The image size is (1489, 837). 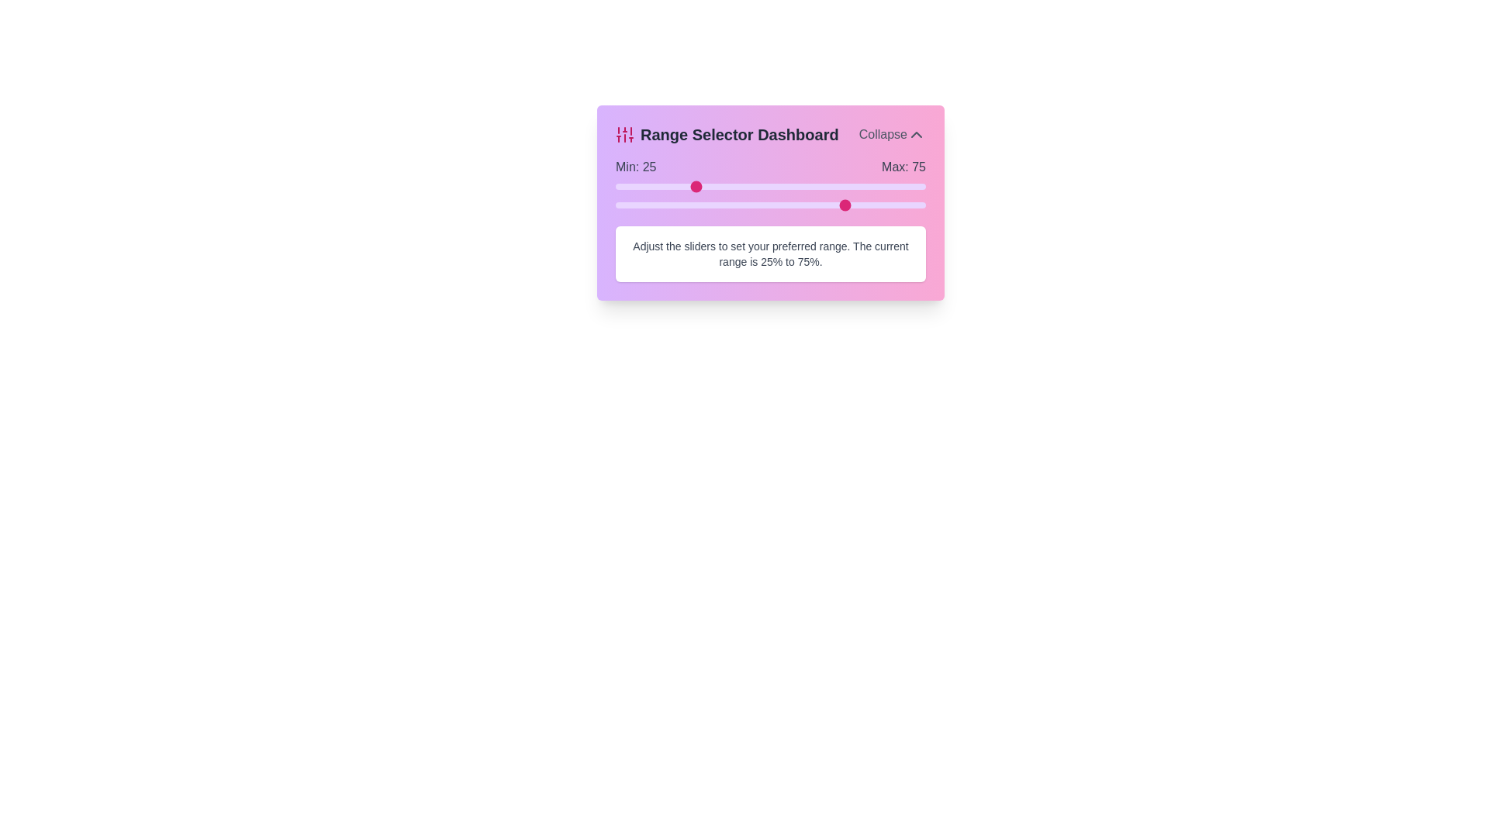 What do you see at coordinates (668, 185) in the screenshot?
I see `the minimum range slider to 17%` at bounding box center [668, 185].